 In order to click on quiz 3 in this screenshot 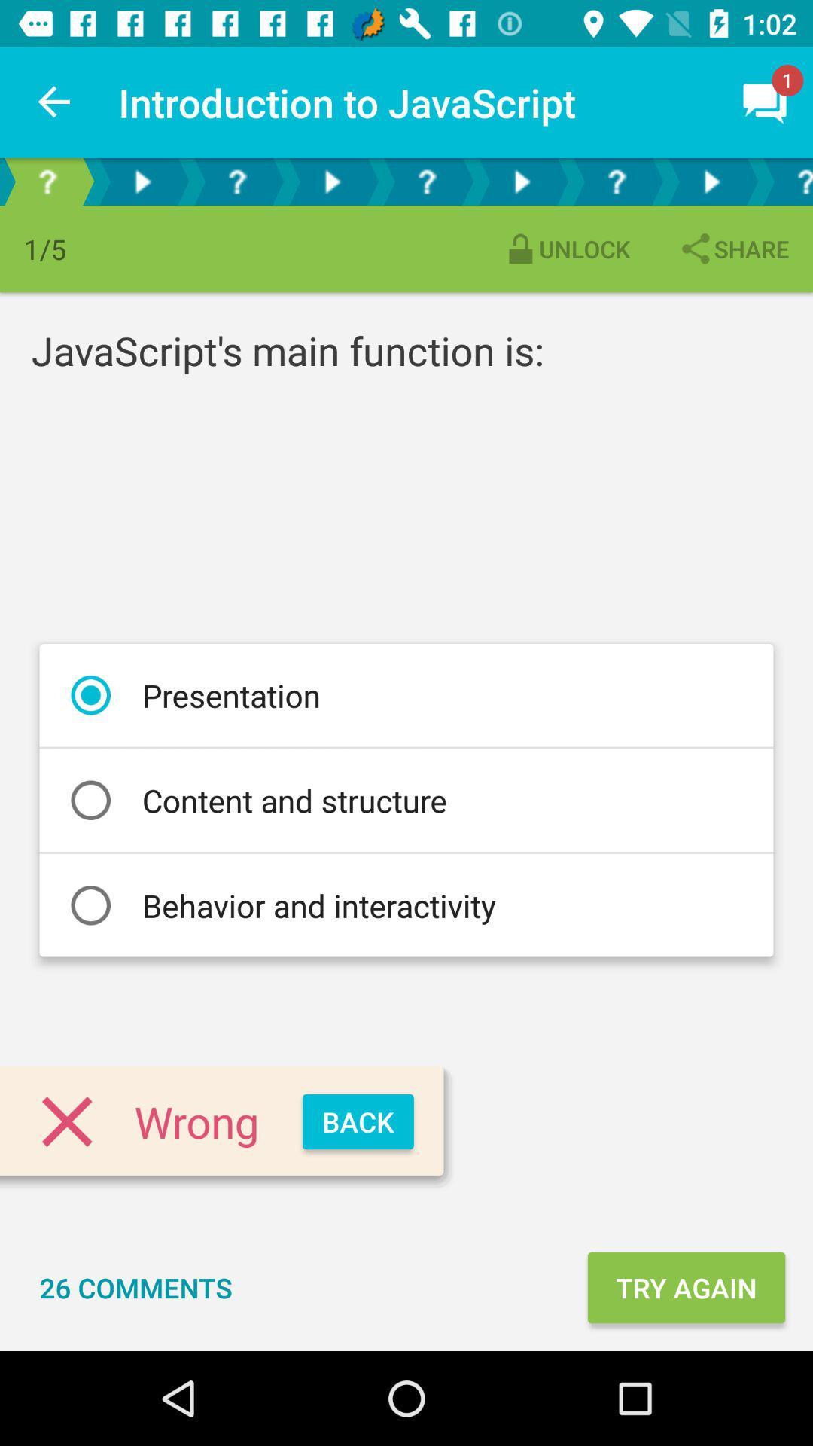, I will do `click(616, 181)`.